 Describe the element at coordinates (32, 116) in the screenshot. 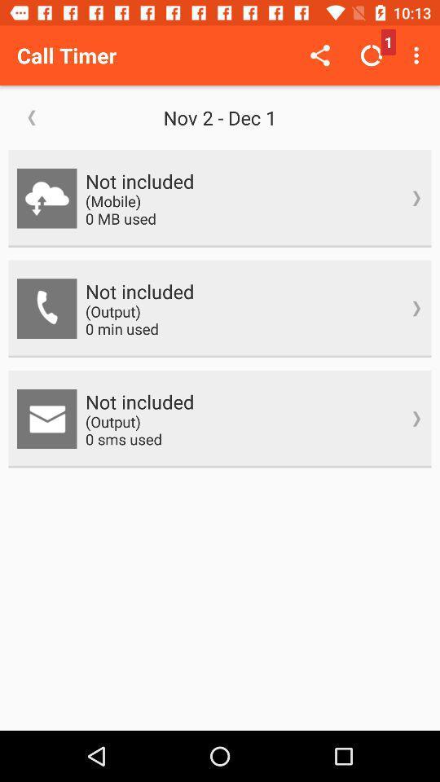

I see `item next to the nov 2 dec item` at that location.